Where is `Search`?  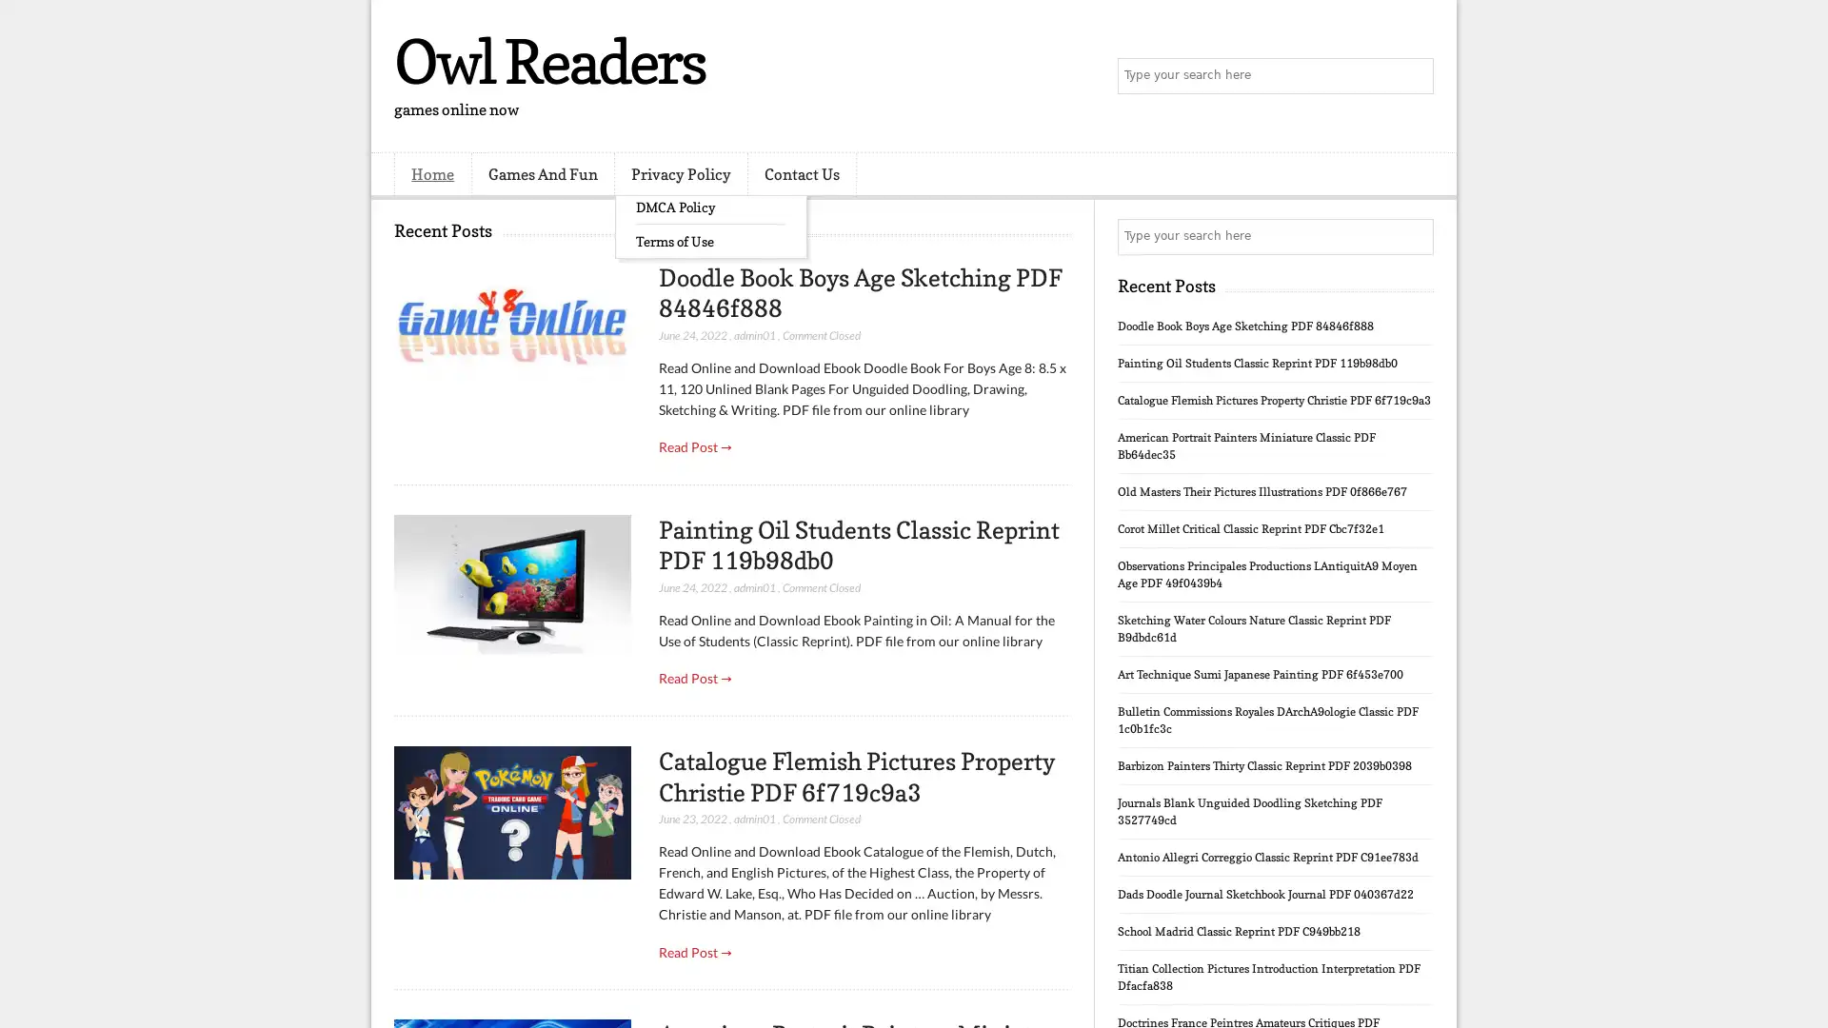 Search is located at coordinates (1414, 236).